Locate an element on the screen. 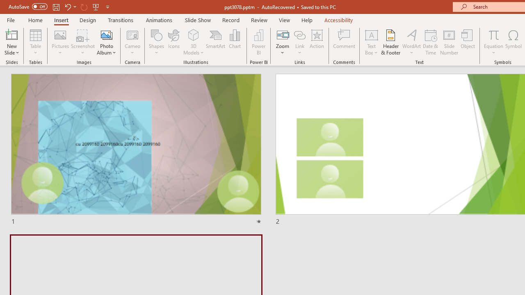 The width and height of the screenshot is (525, 295). 'Photo Album...' is located at coordinates (106, 42).